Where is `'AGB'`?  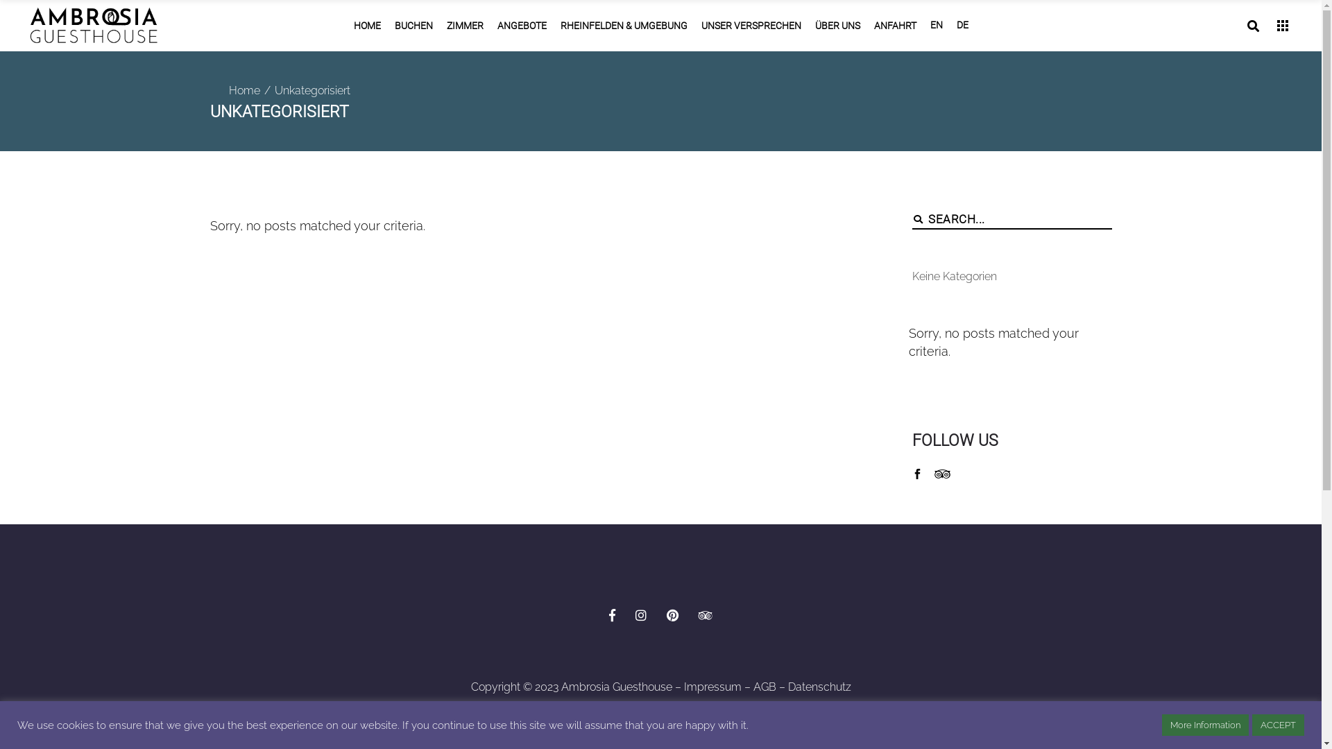
'AGB' is located at coordinates (764, 687).